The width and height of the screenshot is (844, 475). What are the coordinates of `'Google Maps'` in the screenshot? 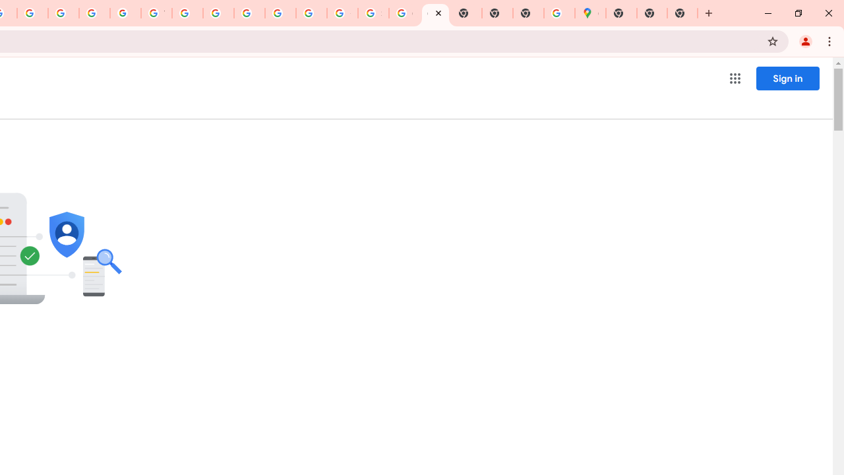 It's located at (589, 13).